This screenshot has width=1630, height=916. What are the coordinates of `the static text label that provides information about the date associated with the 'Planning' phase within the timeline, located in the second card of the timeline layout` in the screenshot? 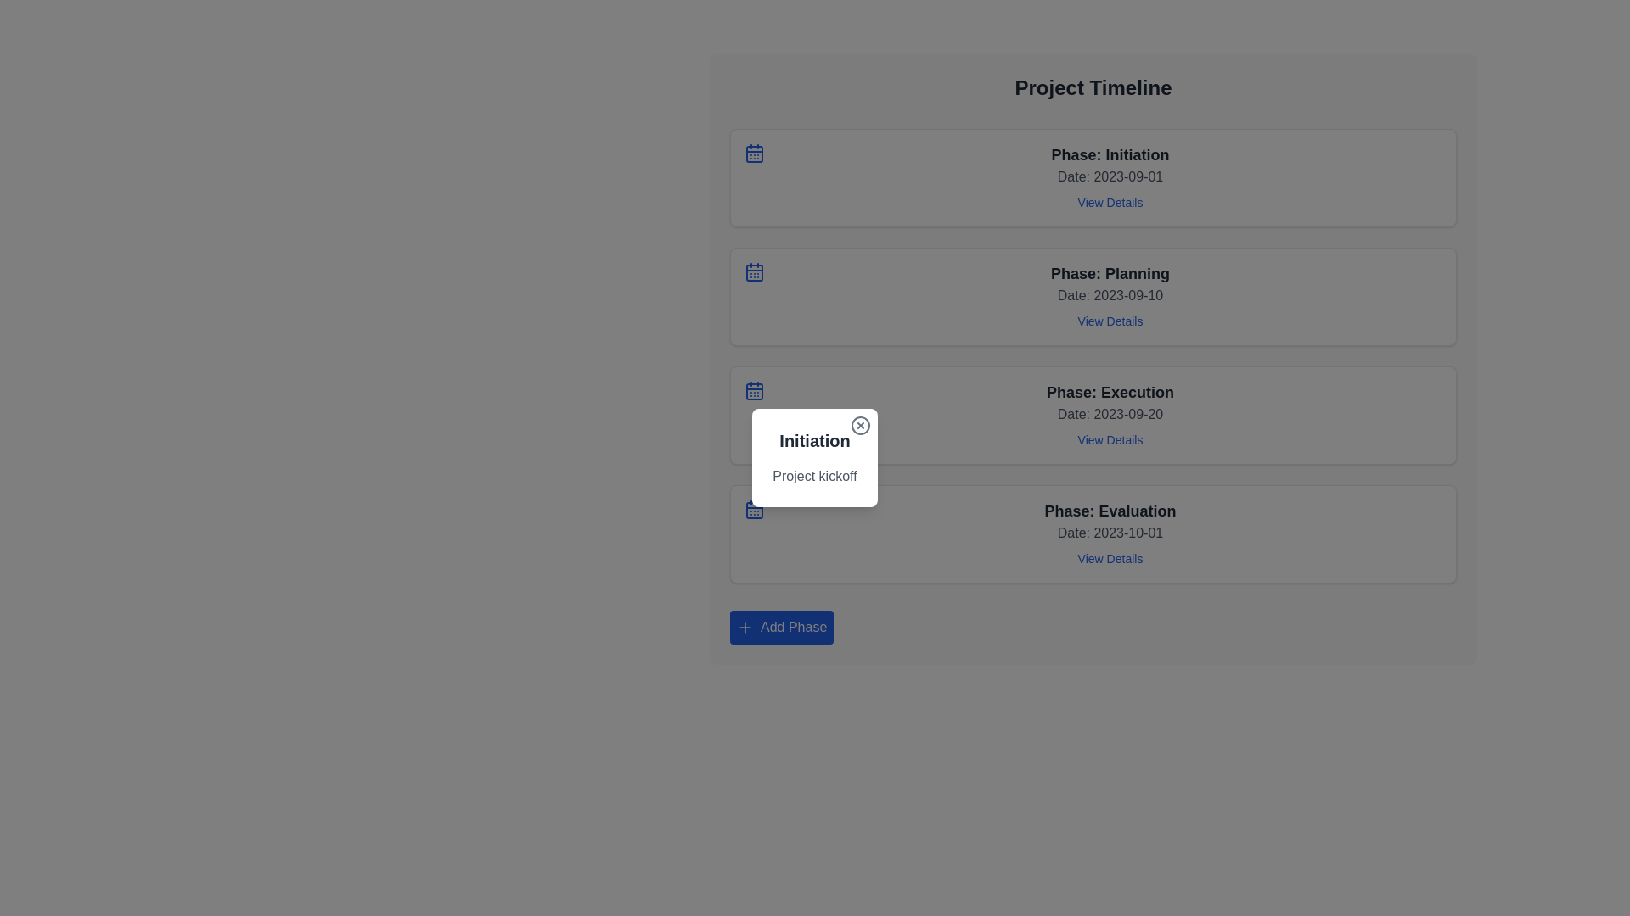 It's located at (1110, 294).